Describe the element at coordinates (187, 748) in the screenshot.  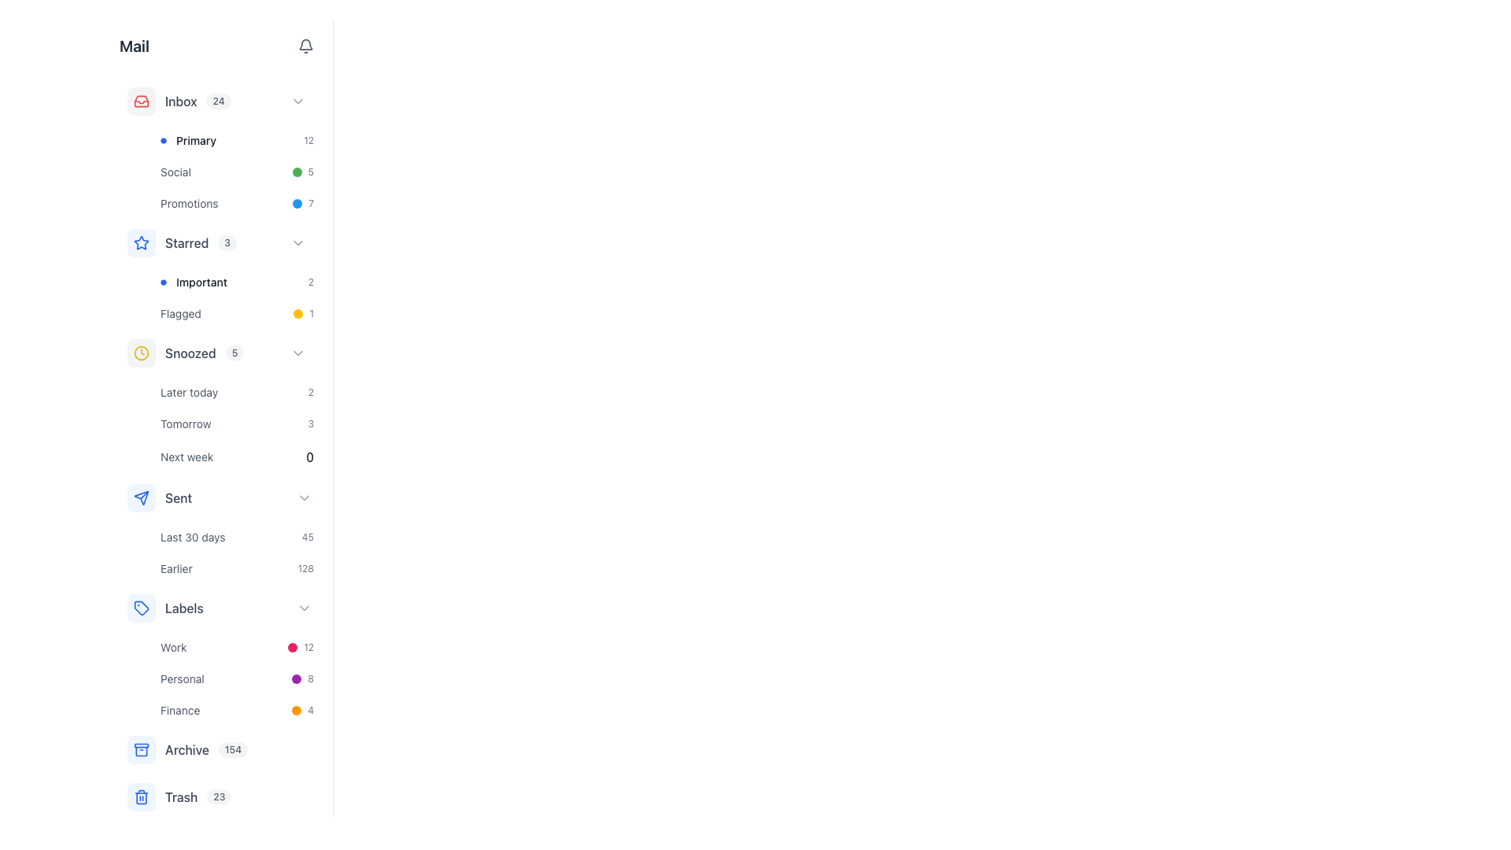
I see `the text label displaying 'Archive' located in the vertical navigation menu, positioned between an archive box icon and a numerical badge (154)` at that location.